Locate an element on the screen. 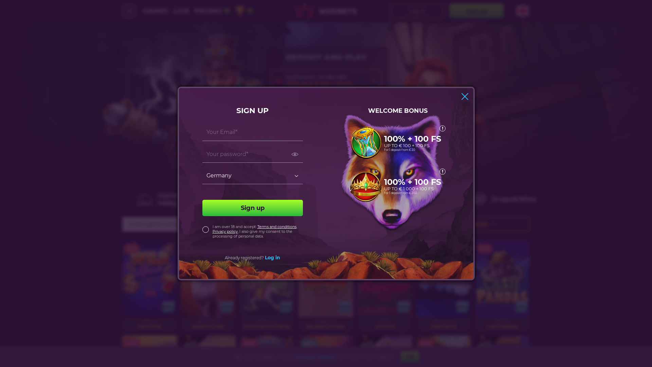 The height and width of the screenshot is (367, 652). 'Privacy Policy' is located at coordinates (295, 356).